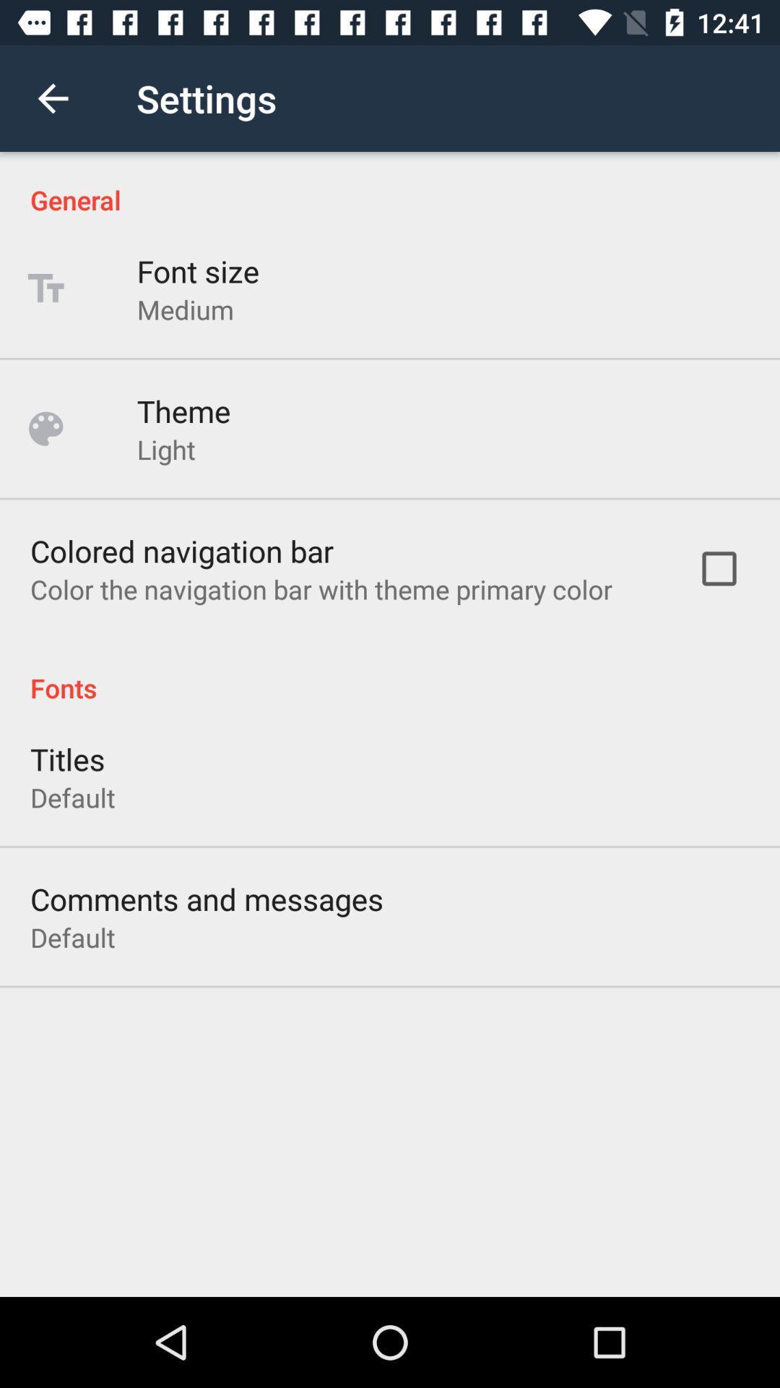  I want to click on the comments and messages, so click(207, 898).